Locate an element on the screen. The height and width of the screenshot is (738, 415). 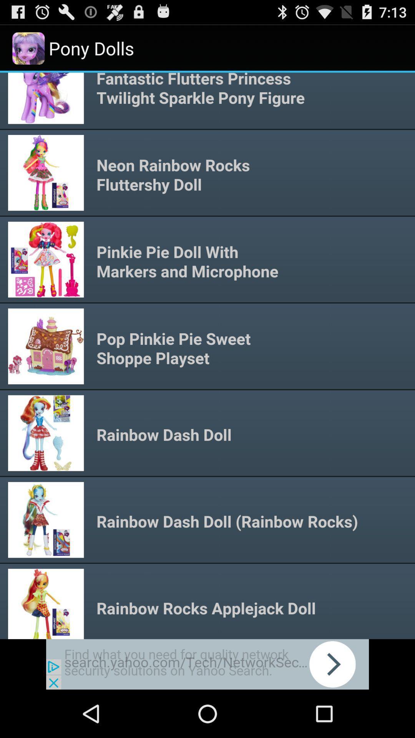
next is located at coordinates (207, 664).